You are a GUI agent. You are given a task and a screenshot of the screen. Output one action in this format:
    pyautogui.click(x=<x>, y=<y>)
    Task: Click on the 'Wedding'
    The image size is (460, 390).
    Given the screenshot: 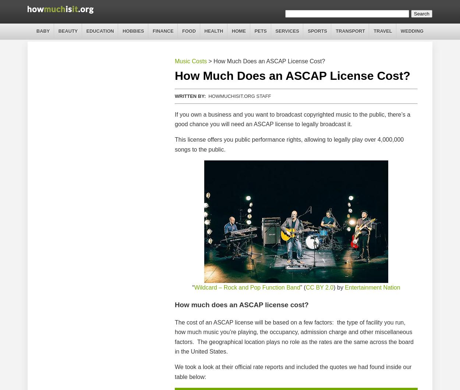 What is the action you would take?
    pyautogui.click(x=400, y=31)
    